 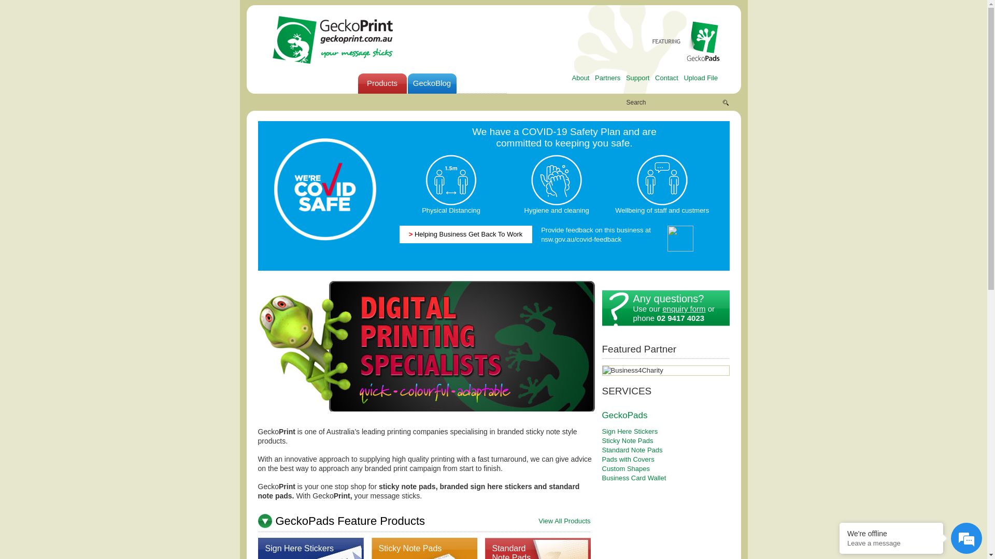 What do you see at coordinates (581, 239) in the screenshot?
I see `'nsw.gov.au/covid-feedback'` at bounding box center [581, 239].